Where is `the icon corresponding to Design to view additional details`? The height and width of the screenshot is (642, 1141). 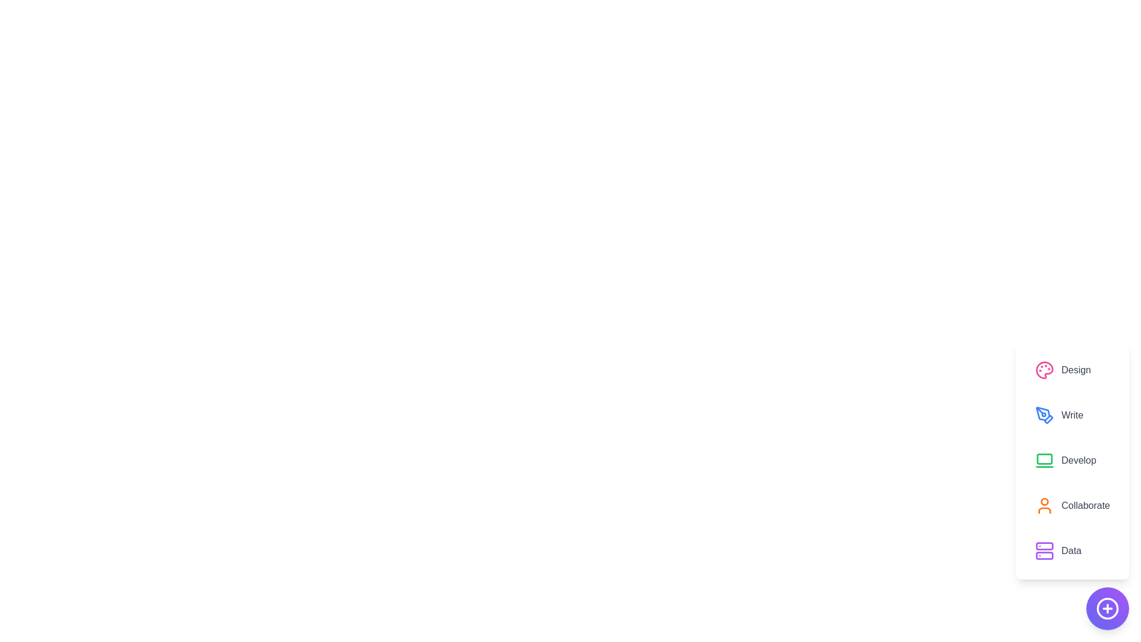
the icon corresponding to Design to view additional details is located at coordinates (1044, 370).